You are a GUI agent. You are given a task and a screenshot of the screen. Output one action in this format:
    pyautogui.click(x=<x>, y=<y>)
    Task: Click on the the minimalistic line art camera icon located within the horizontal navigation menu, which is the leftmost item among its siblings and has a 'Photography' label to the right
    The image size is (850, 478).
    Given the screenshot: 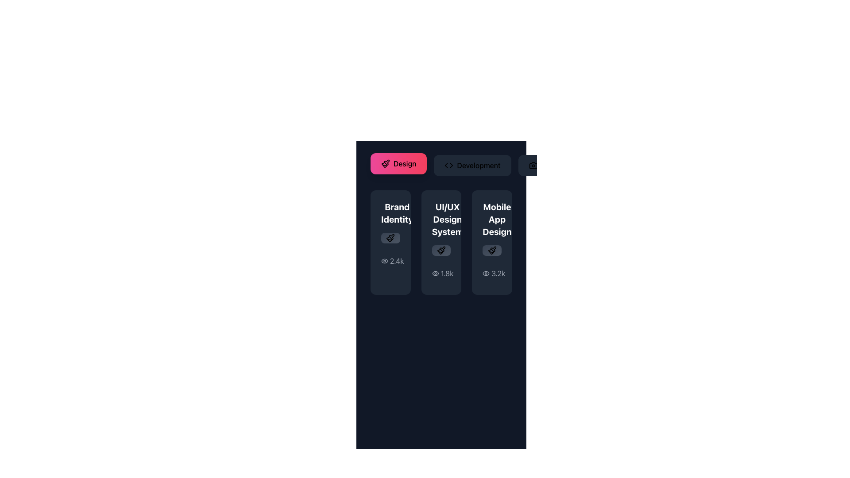 What is the action you would take?
    pyautogui.click(x=533, y=166)
    